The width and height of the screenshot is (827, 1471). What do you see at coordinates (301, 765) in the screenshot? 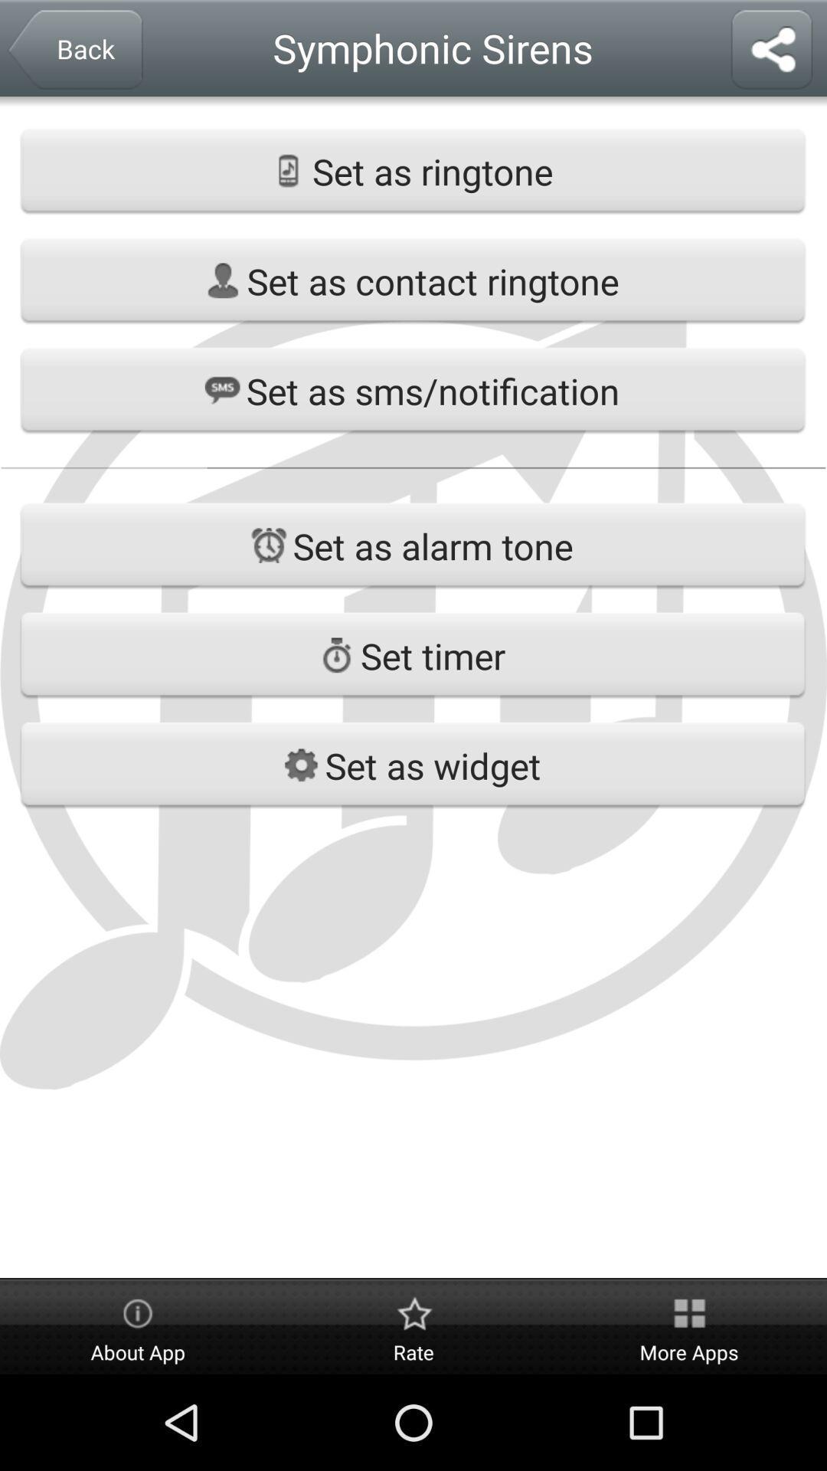
I see `the icon of settings at last button from symphonic sirens` at bounding box center [301, 765].